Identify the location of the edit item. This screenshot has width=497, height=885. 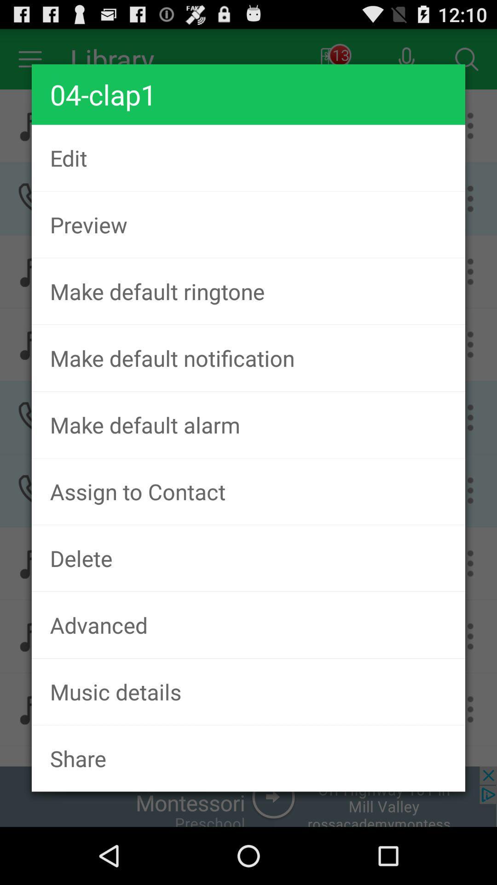
(248, 158).